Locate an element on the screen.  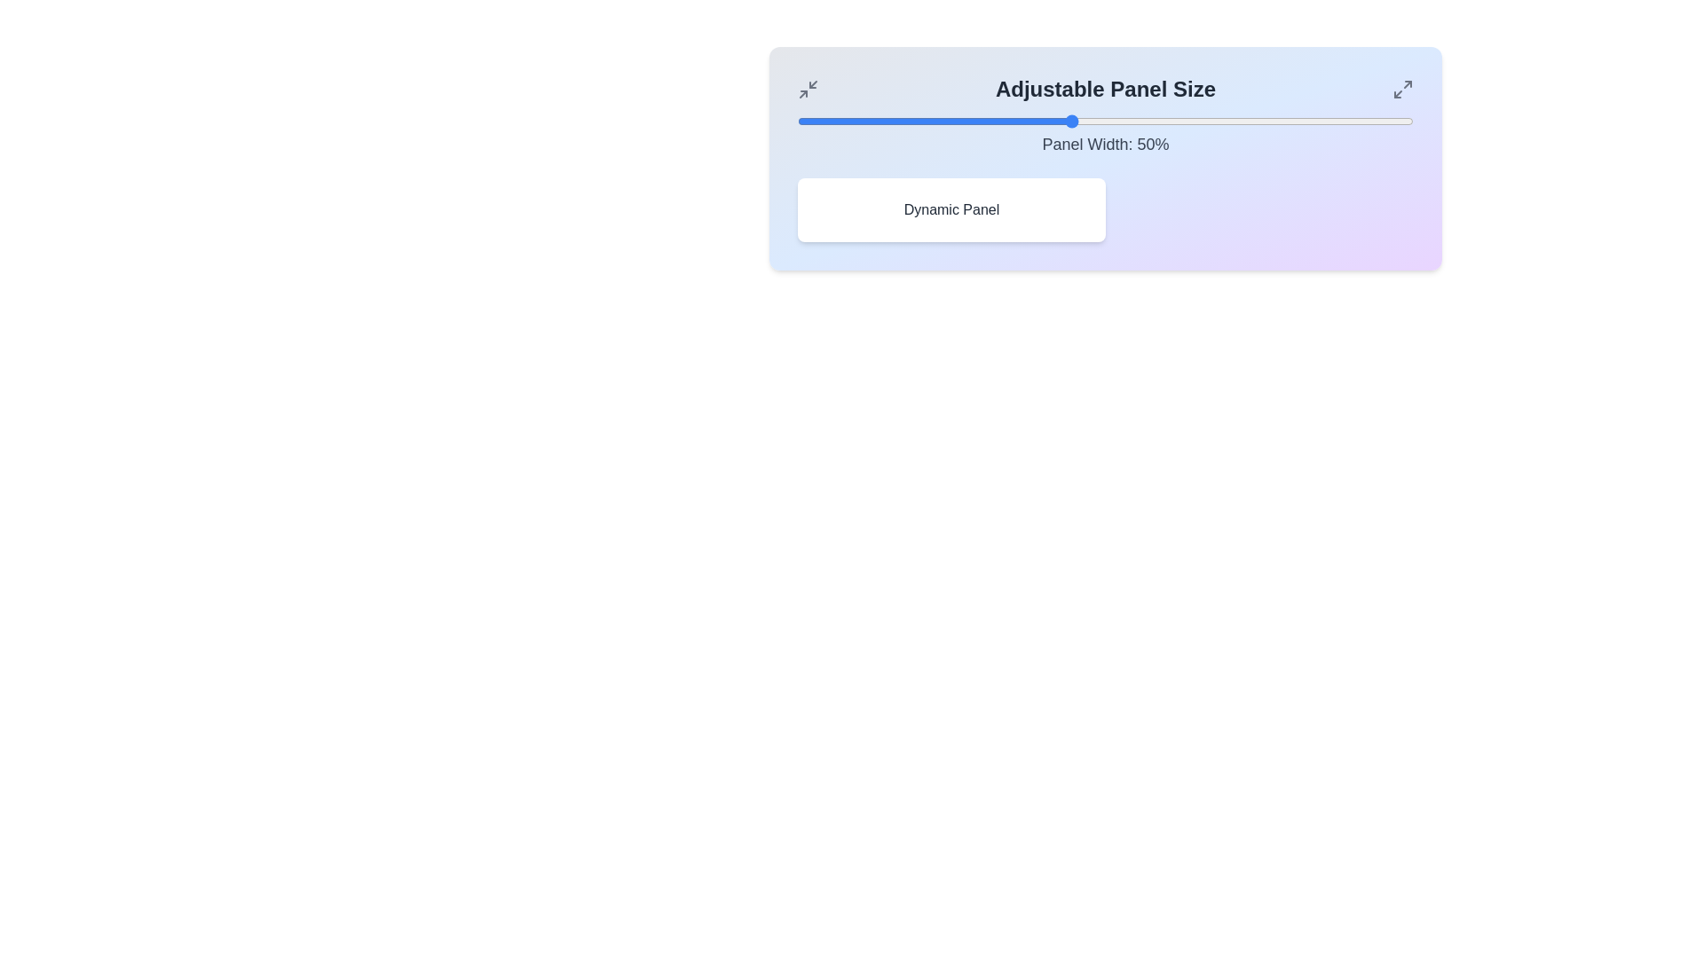
the panel width is located at coordinates (1290, 121).